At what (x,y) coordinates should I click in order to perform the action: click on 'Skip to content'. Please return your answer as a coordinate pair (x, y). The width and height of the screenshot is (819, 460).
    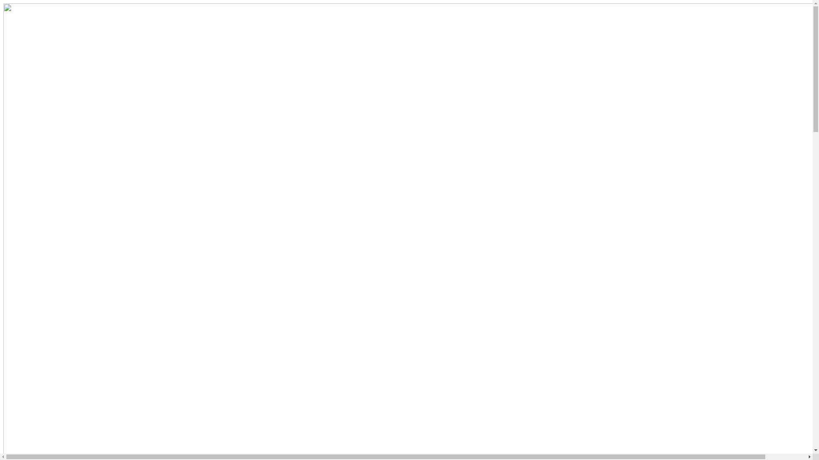
    Looking at the image, I should click on (3, 3).